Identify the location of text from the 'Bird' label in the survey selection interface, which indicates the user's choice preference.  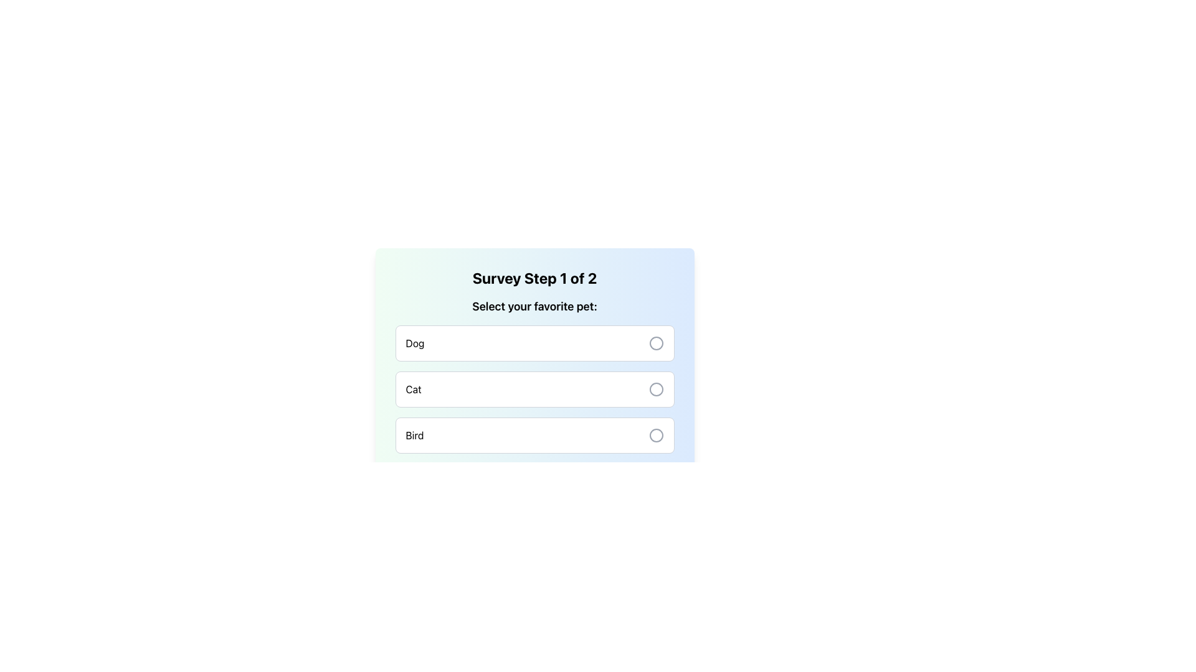
(414, 434).